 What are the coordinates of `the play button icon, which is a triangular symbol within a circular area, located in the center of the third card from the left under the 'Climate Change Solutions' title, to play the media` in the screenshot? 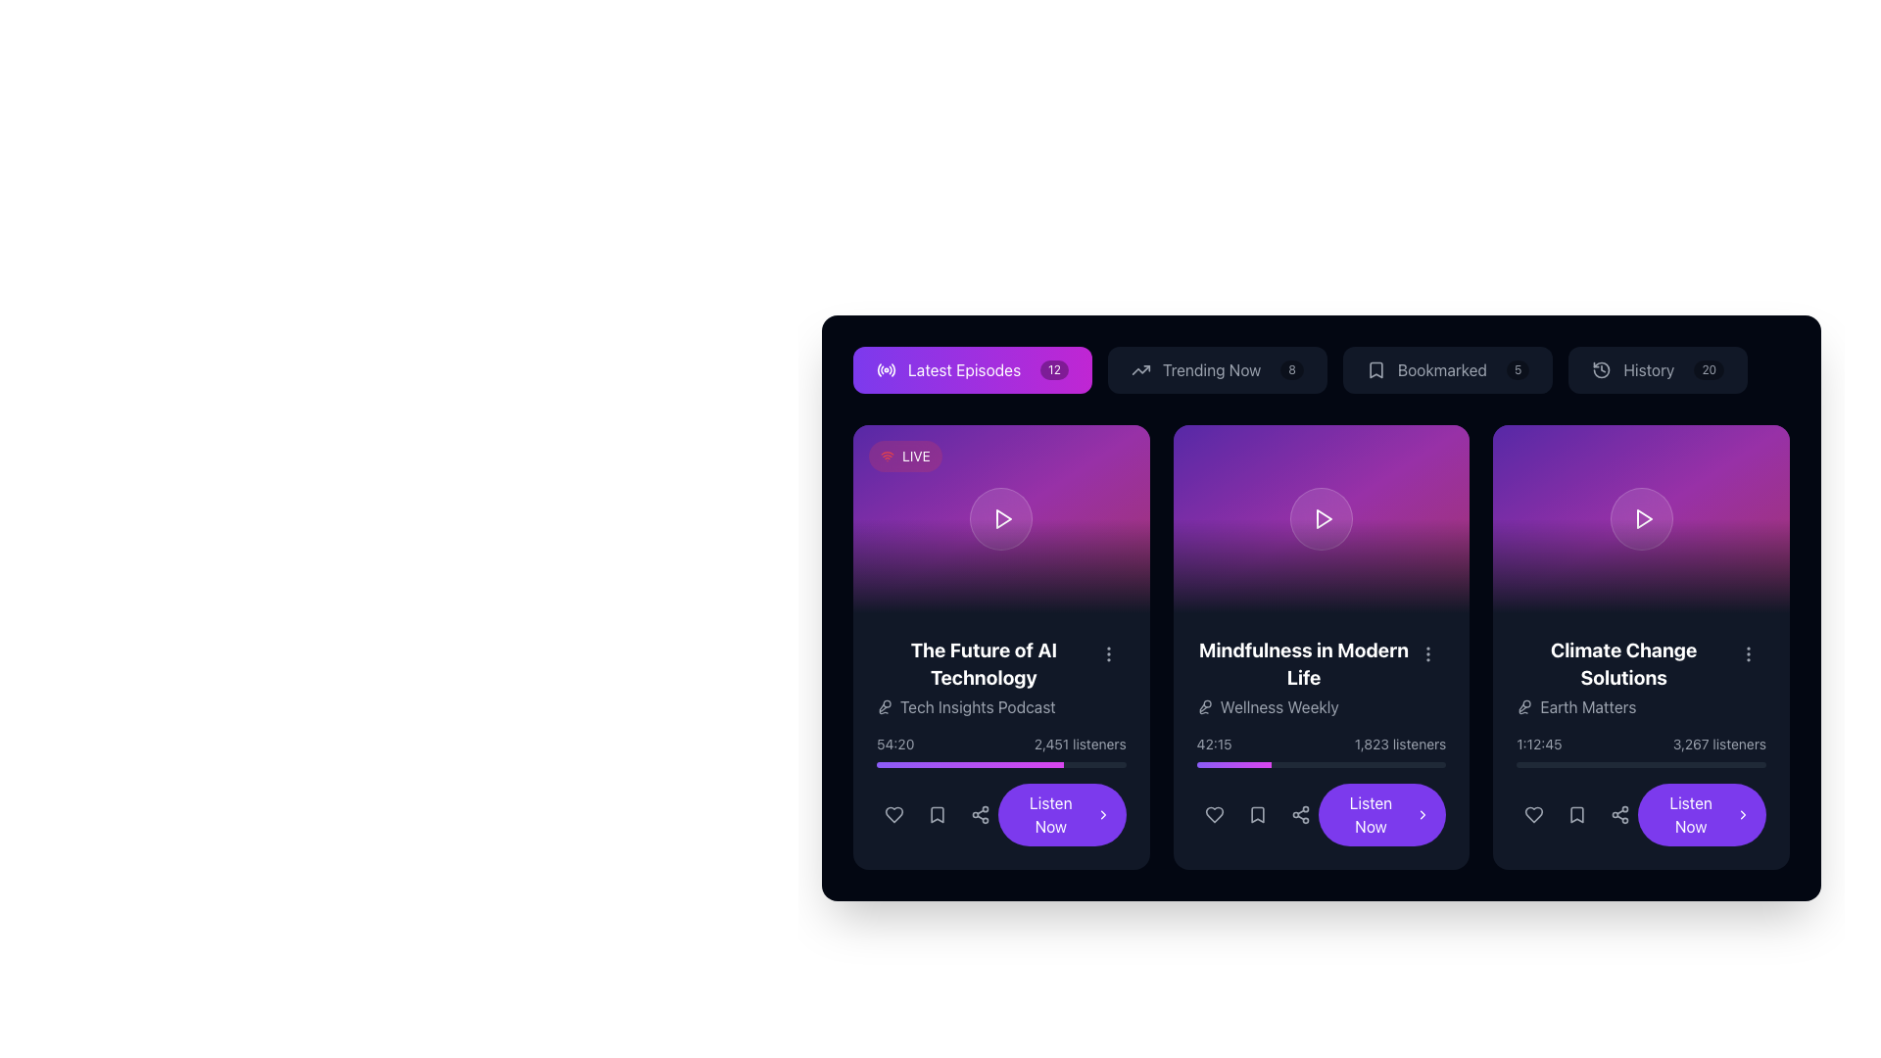 It's located at (1643, 517).